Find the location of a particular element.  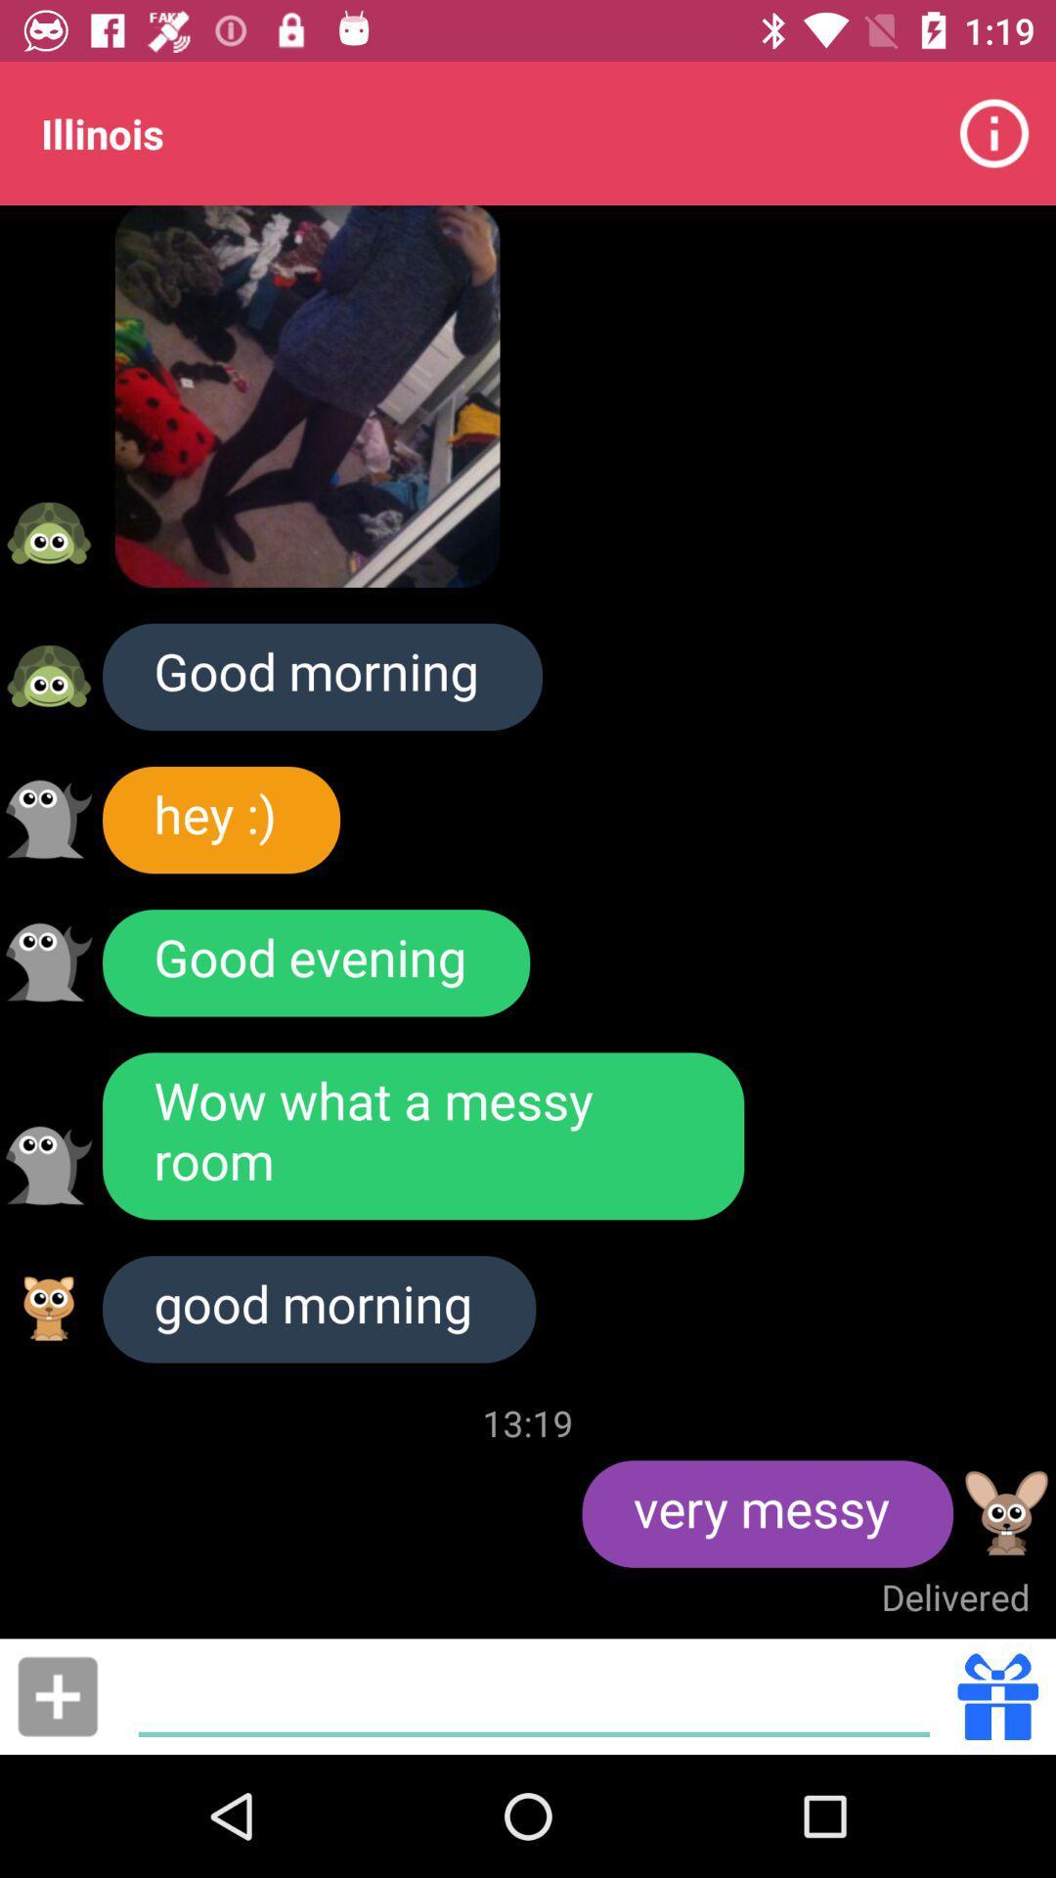

the item next to very messy  icon is located at coordinates (528, 1422).